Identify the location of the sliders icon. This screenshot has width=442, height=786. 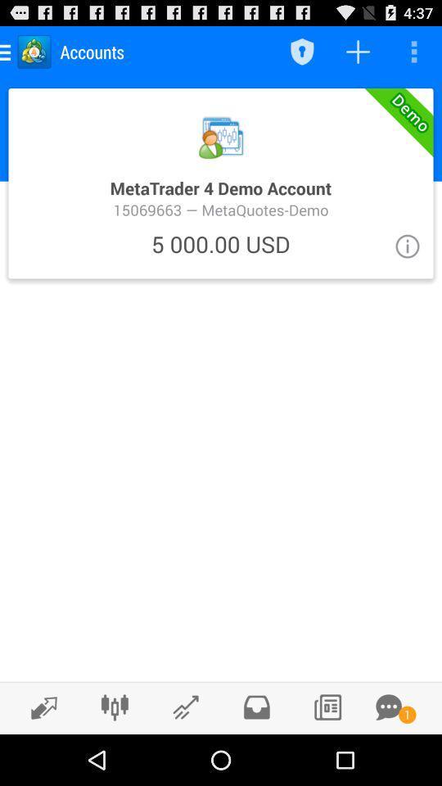
(114, 757).